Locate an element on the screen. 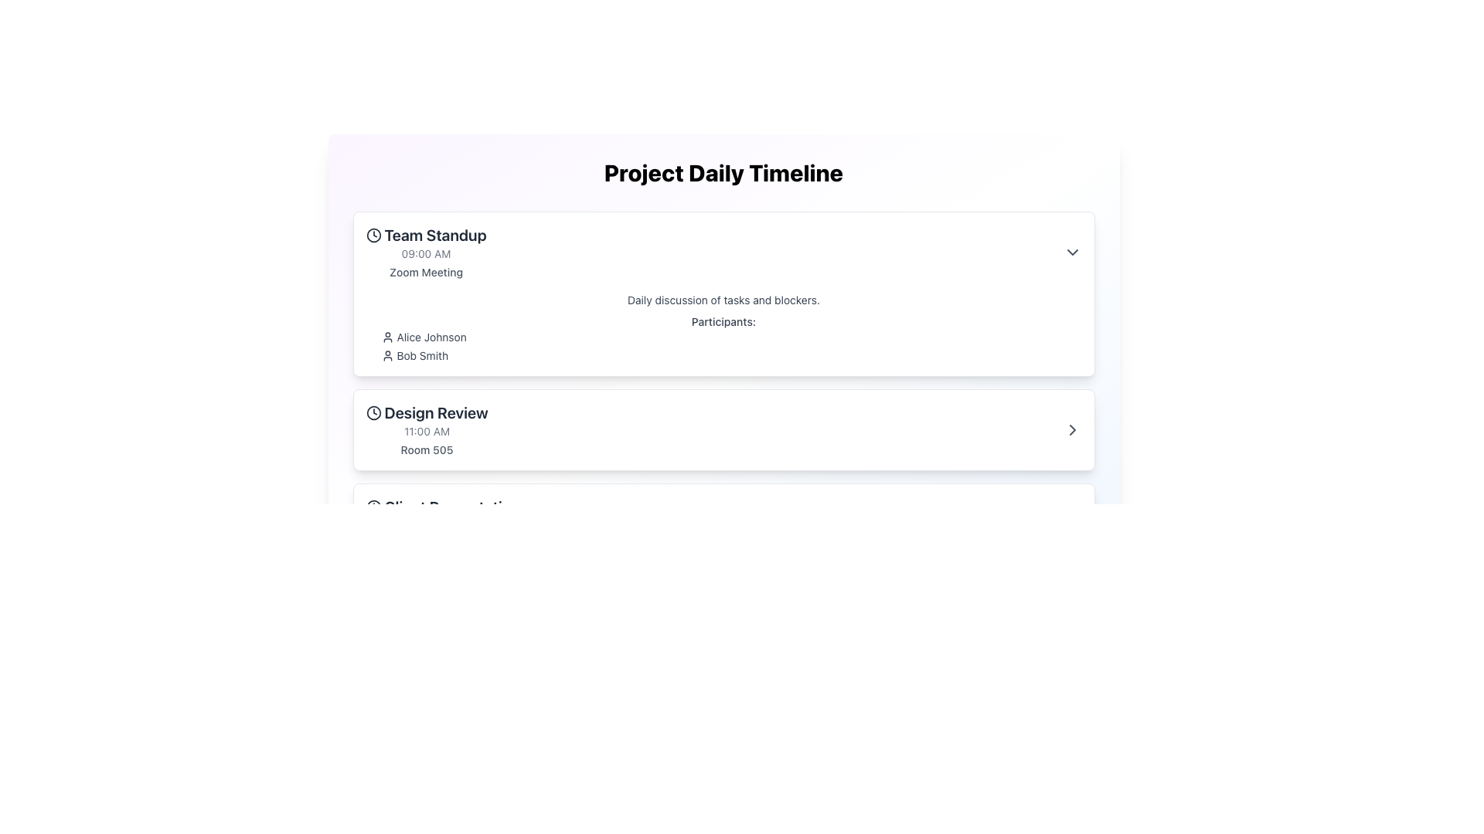 This screenshot has height=834, width=1484. the right-pointing chevron button next to the 'Room 505' text is located at coordinates (1071, 429).